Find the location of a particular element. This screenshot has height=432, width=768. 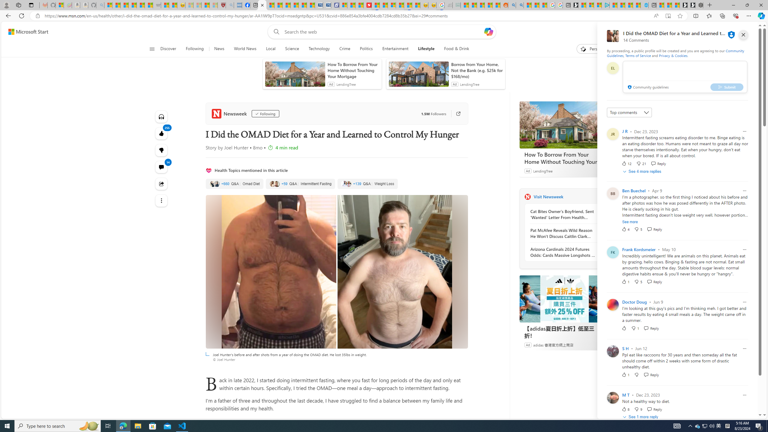

'12 Popular Science Lies that Must be Corrected - Sleeping' is located at coordinates (214, 5).